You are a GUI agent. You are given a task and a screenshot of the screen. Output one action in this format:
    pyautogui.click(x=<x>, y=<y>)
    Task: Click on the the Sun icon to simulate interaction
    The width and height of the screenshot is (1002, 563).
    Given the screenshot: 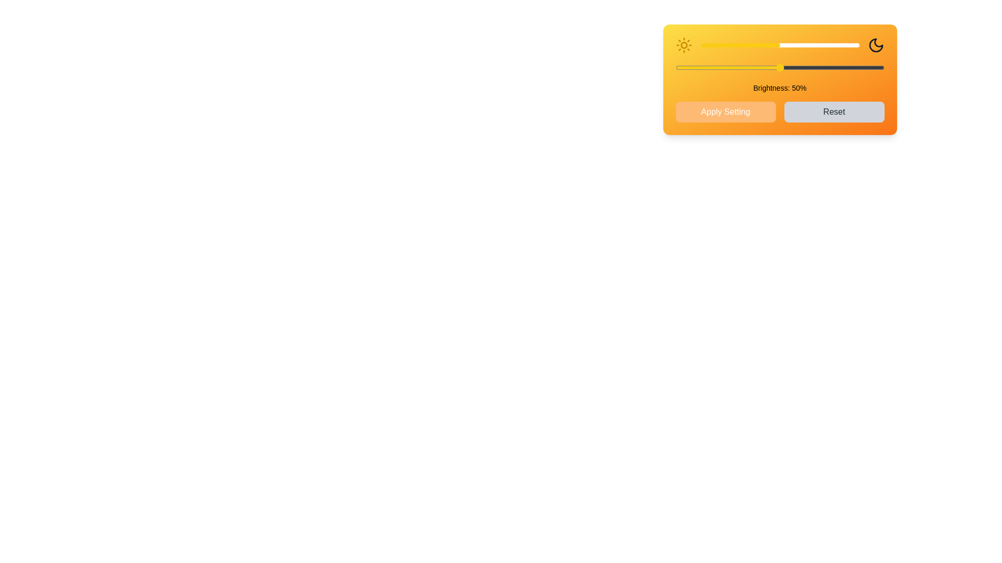 What is the action you would take?
    pyautogui.click(x=684, y=45)
    